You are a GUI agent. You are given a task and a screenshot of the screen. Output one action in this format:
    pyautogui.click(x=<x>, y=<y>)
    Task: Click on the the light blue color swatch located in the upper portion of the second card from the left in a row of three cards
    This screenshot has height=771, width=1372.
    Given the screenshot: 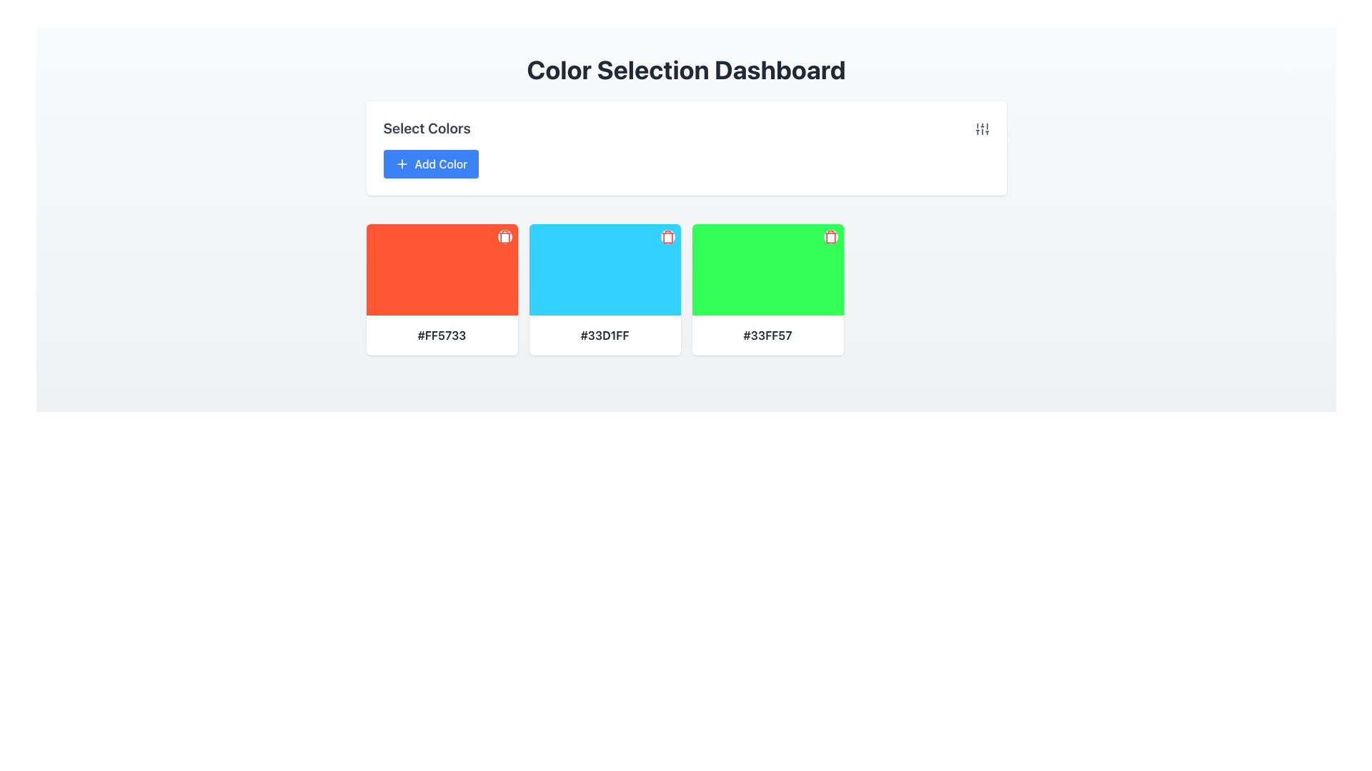 What is the action you would take?
    pyautogui.click(x=605, y=270)
    